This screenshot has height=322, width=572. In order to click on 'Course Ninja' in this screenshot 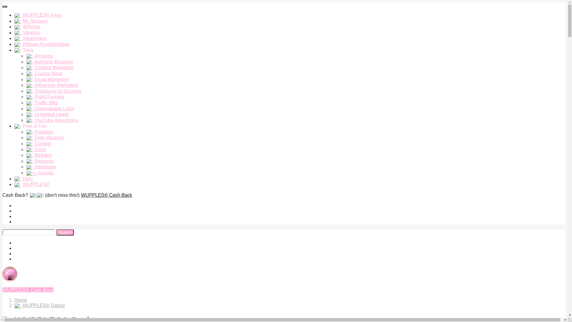, I will do `click(44, 73)`.